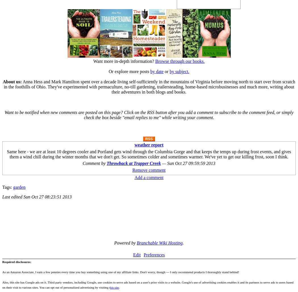 This screenshot has width=298, height=292. What do you see at coordinates (133, 163) in the screenshot?
I see `'Throwback at Trapper Creek'` at bounding box center [133, 163].